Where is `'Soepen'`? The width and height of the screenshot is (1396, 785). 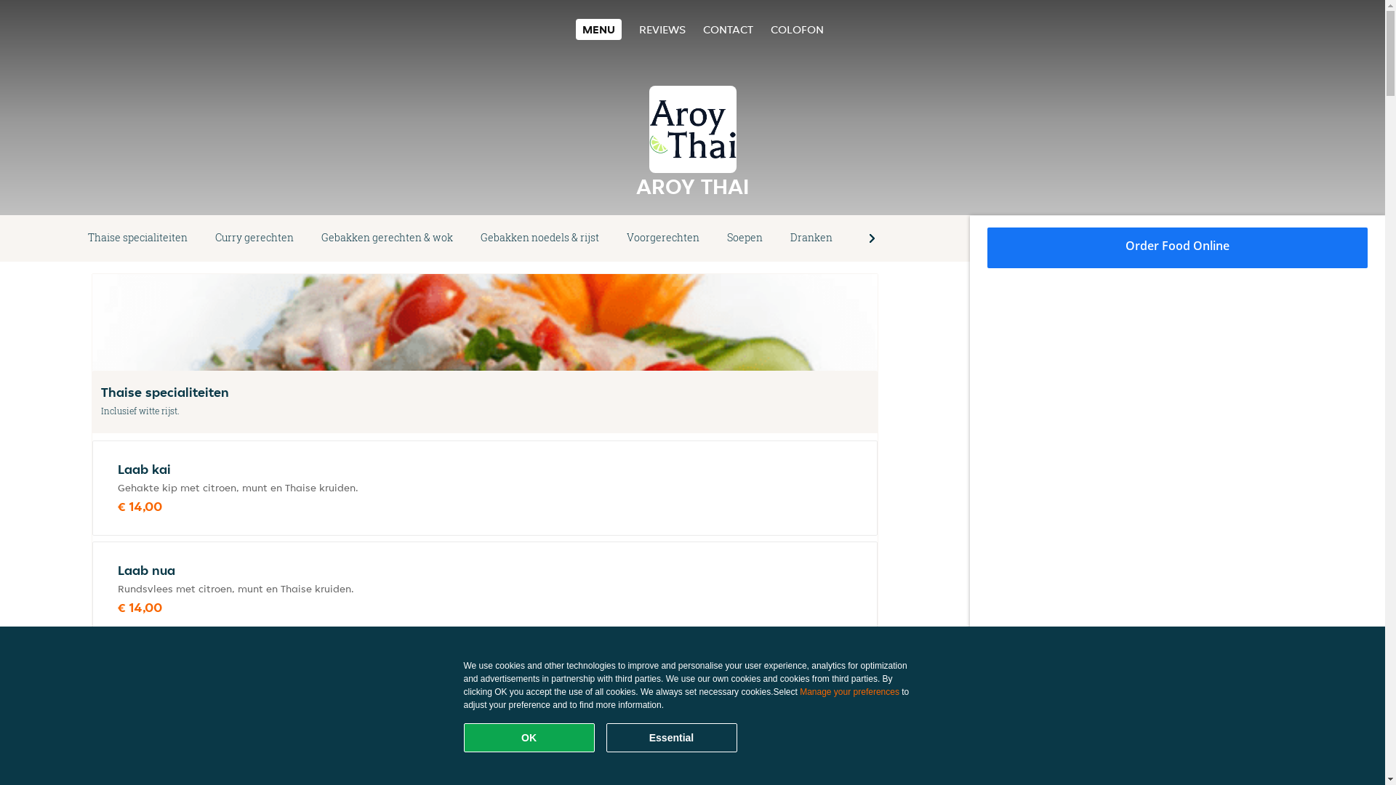
'Soepen' is located at coordinates (745, 237).